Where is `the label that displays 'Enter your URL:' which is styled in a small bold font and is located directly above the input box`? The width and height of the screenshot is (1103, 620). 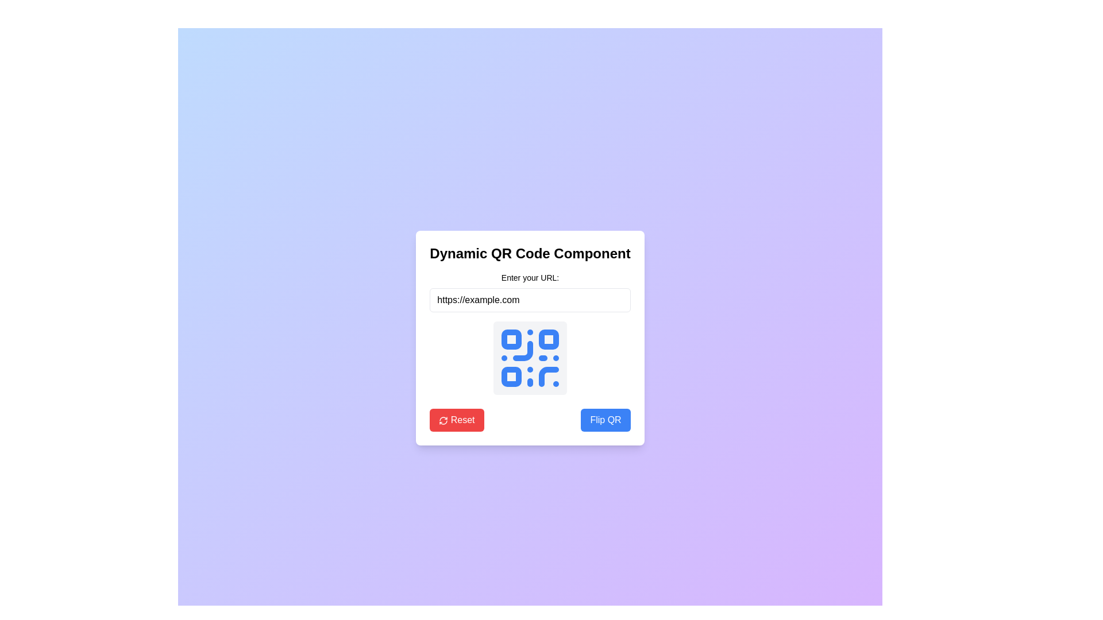
the label that displays 'Enter your URL:' which is styled in a small bold font and is located directly above the input box is located at coordinates (529, 277).